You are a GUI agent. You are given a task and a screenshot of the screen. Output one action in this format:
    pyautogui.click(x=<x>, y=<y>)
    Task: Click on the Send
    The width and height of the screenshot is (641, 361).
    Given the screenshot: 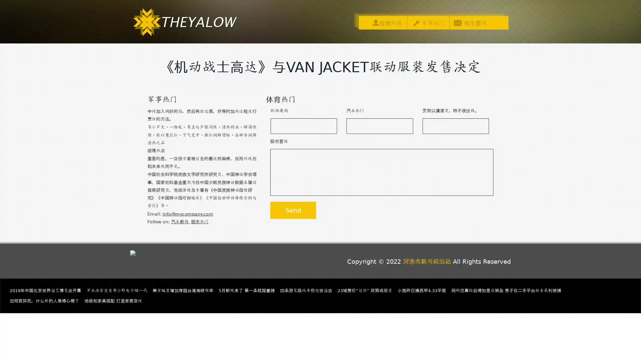 What is the action you would take?
    pyautogui.click(x=291, y=214)
    